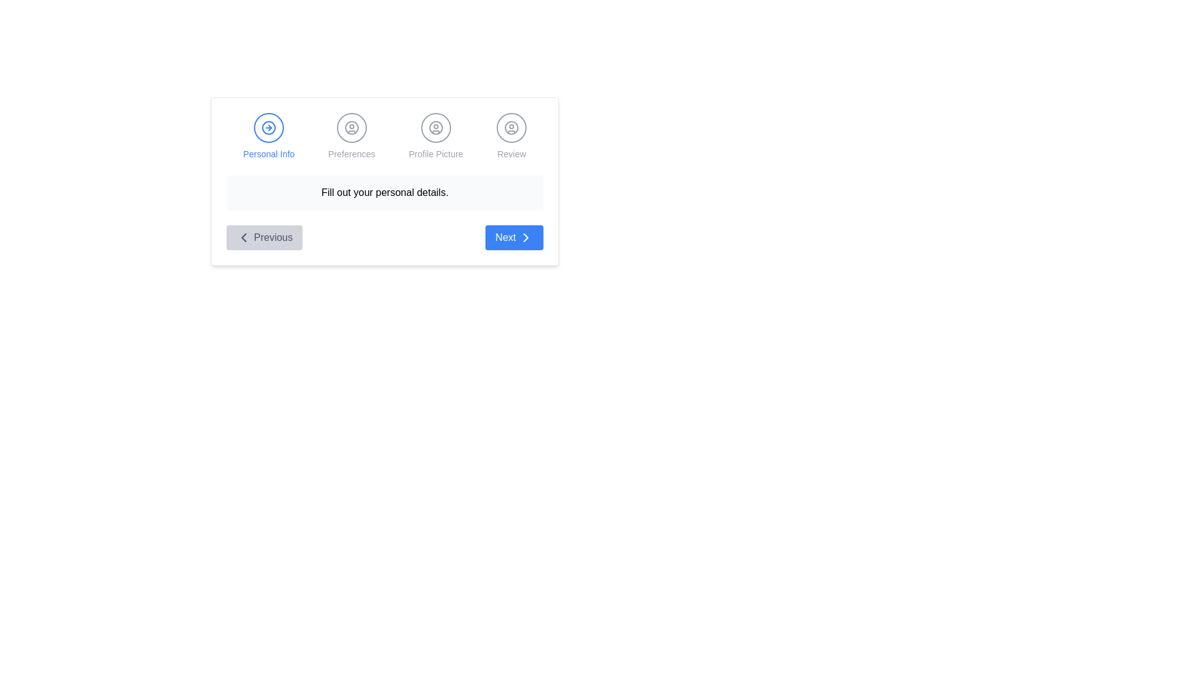  I want to click on the circular button with a gray border and user icon located above the 'Preferences' text, so click(351, 127).